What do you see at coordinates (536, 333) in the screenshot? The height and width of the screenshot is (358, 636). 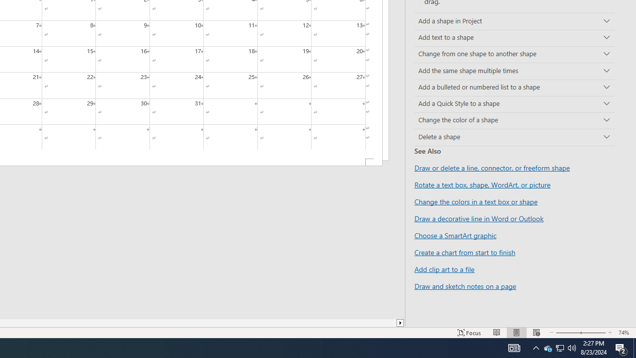 I see `'Web Layout'` at bounding box center [536, 333].